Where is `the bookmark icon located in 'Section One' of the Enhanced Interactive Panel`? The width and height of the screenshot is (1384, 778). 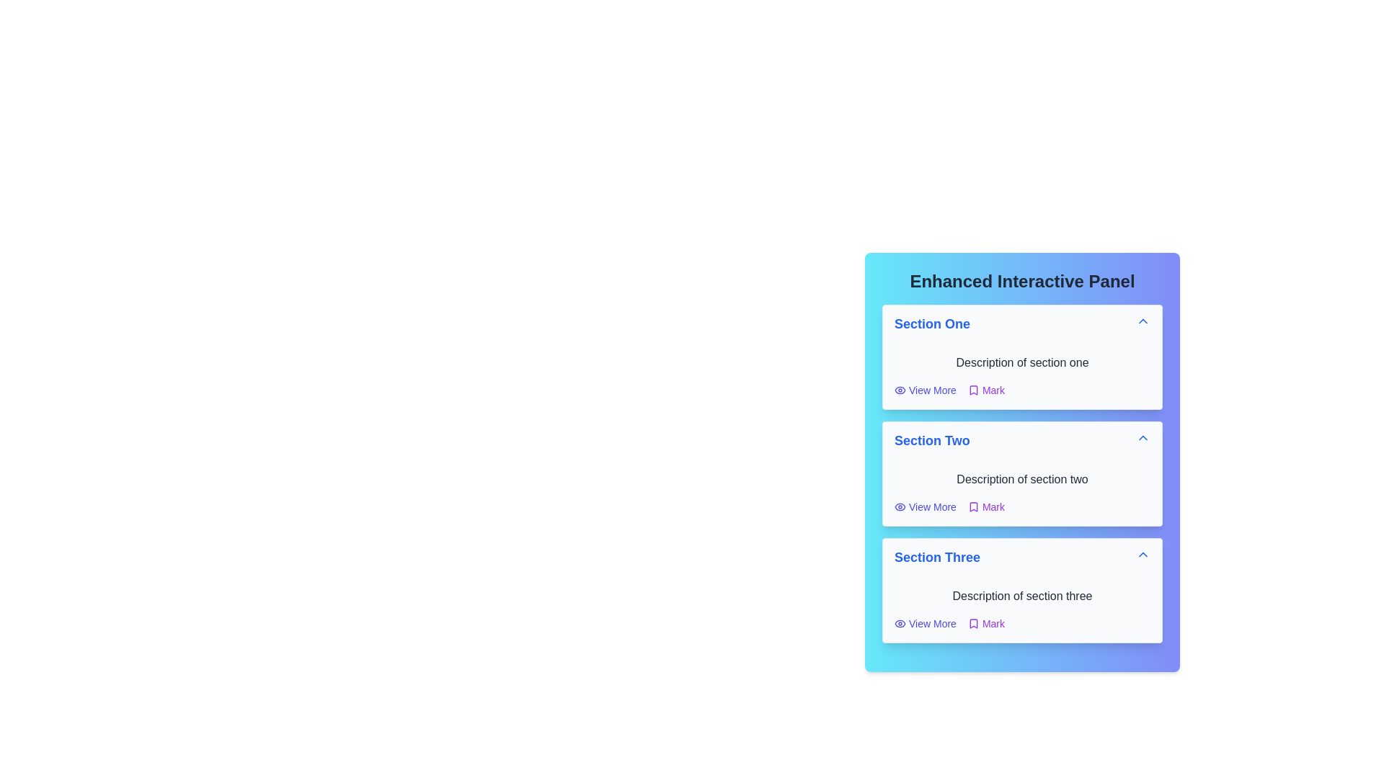
the bookmark icon located in 'Section One' of the Enhanced Interactive Panel is located at coordinates (973, 390).